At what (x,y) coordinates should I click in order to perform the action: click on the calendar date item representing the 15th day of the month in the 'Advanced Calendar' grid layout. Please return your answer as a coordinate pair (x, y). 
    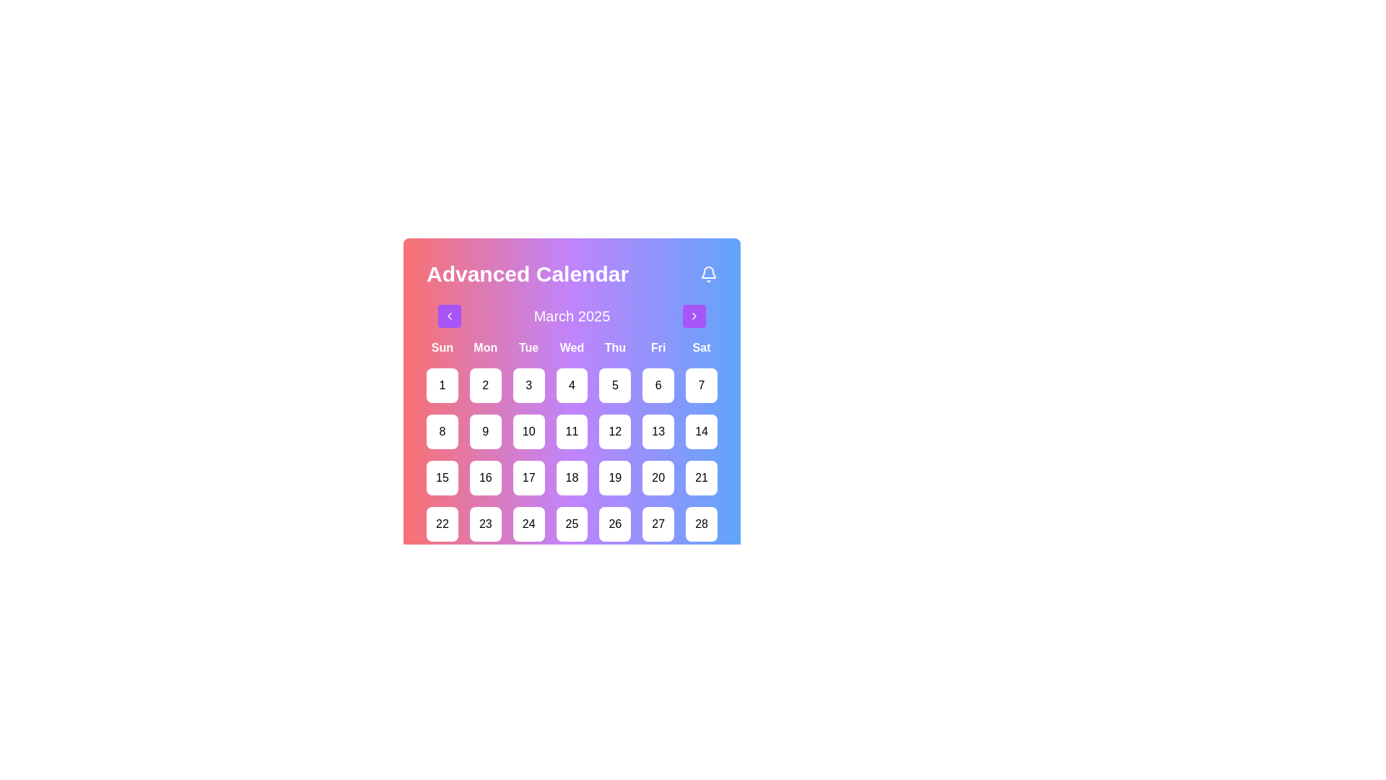
    Looking at the image, I should click on (441, 478).